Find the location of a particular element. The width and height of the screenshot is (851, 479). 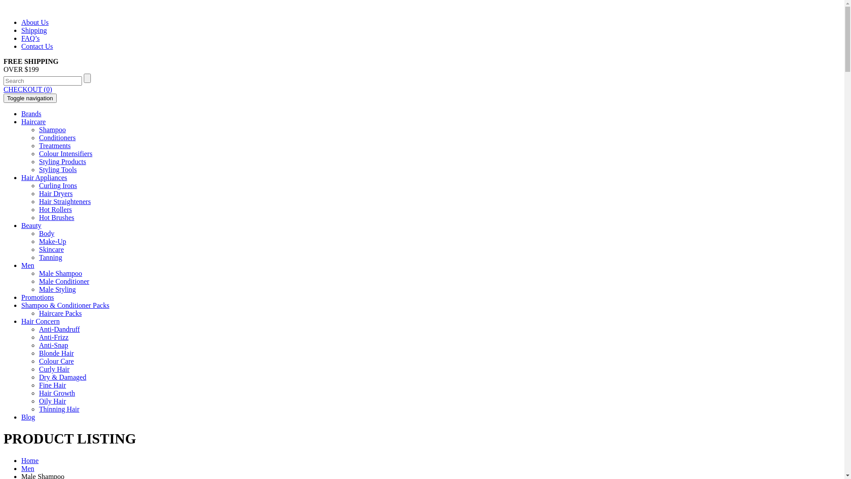

'Anti-Frizz' is located at coordinates (53, 337).